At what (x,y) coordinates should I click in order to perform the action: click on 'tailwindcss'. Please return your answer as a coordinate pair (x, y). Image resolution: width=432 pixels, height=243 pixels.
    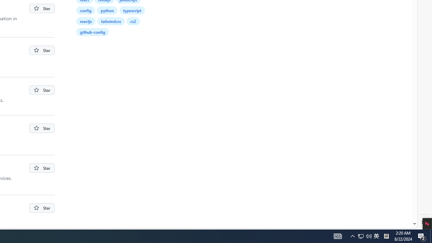
    Looking at the image, I should click on (111, 21).